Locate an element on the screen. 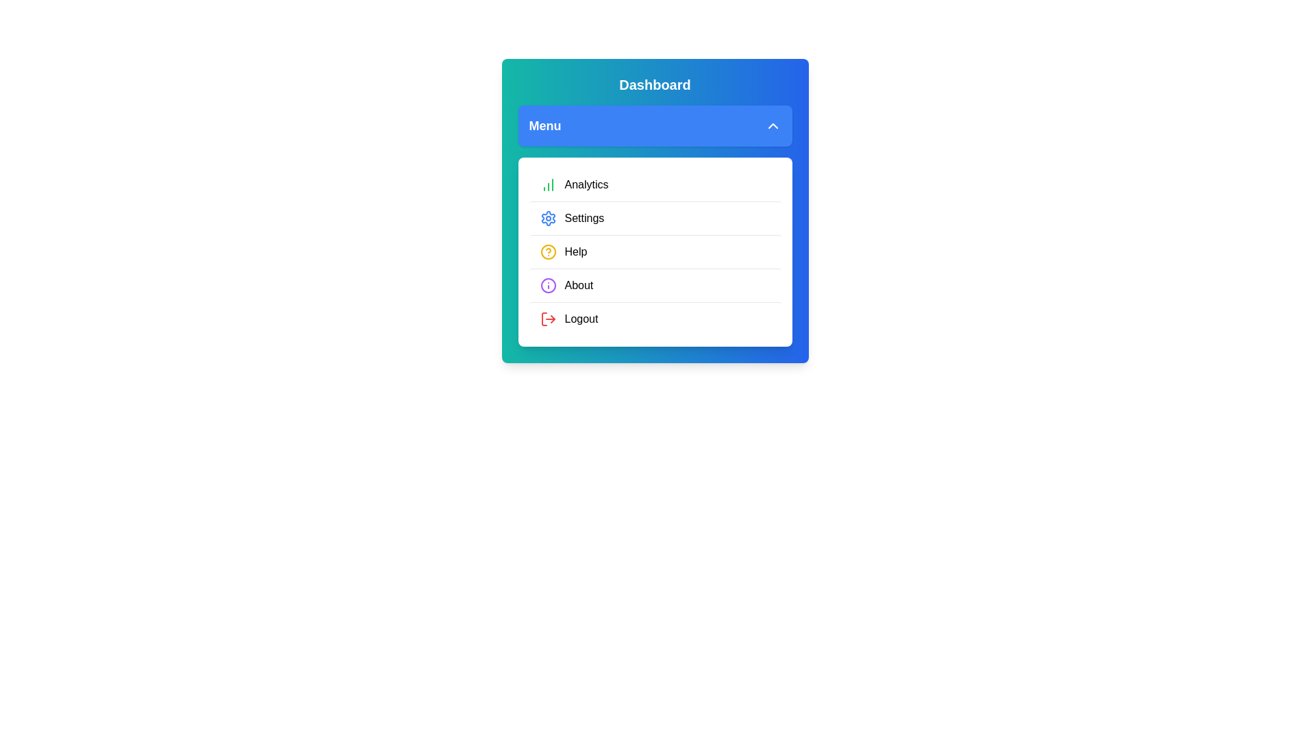  the 'Menu' label, which is styled with bold white text on a blue background and located at the left side of the header bar in the dropdown menu panel is located at coordinates (544, 126).